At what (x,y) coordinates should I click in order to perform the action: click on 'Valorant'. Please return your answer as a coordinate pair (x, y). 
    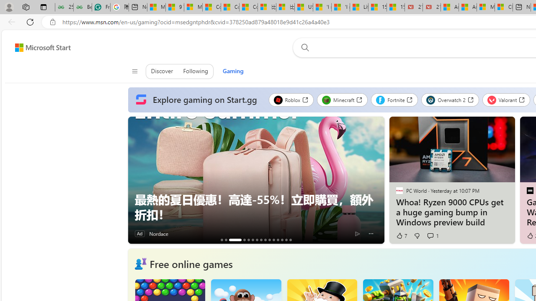
    Looking at the image, I should click on (505, 99).